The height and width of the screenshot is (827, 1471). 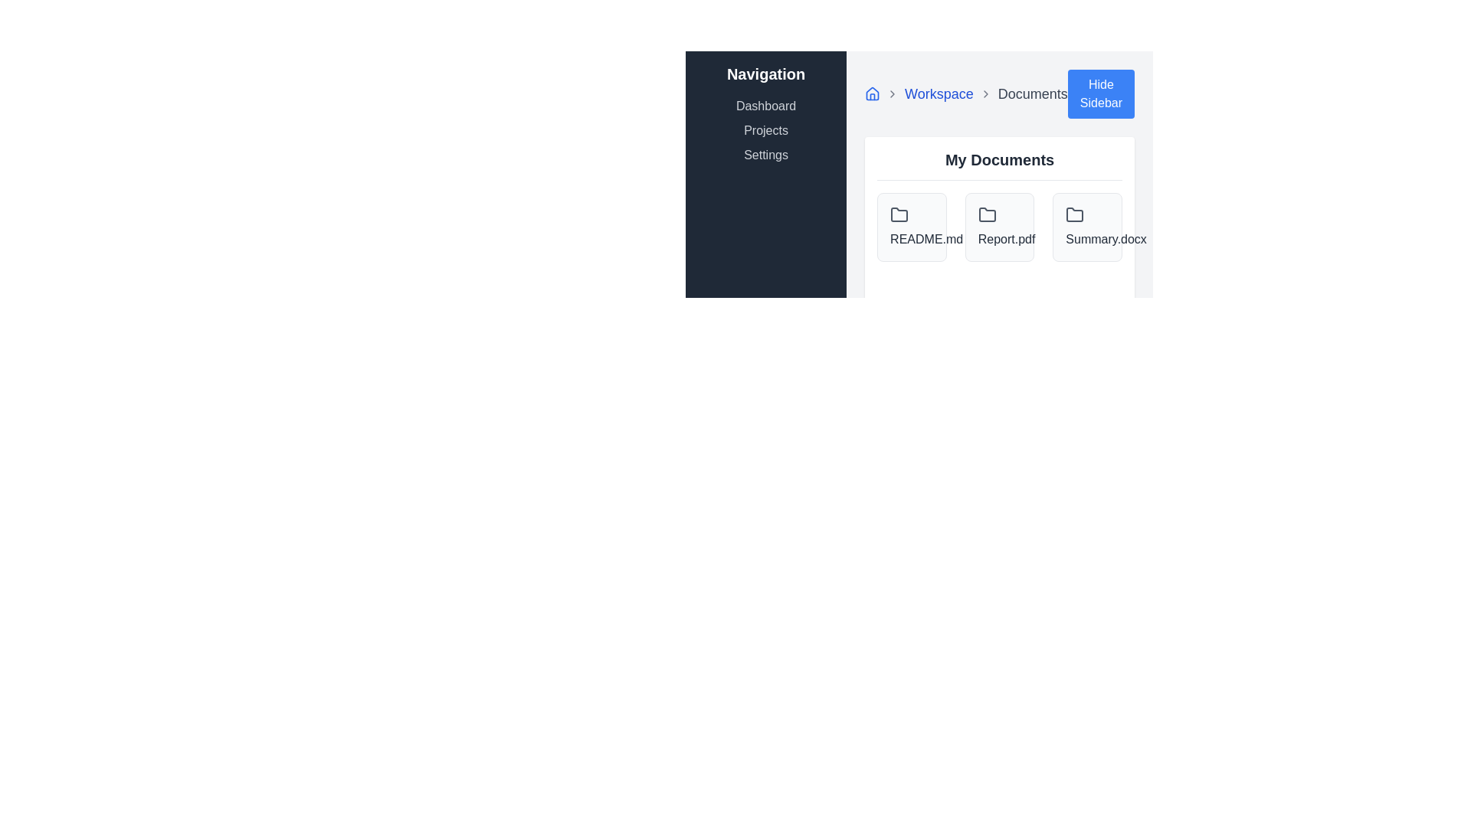 What do you see at coordinates (912, 239) in the screenshot?
I see `the text label displaying 'README.md' in a bold gray font, located at the bottom center of the first document card in the 'My Documents' section` at bounding box center [912, 239].